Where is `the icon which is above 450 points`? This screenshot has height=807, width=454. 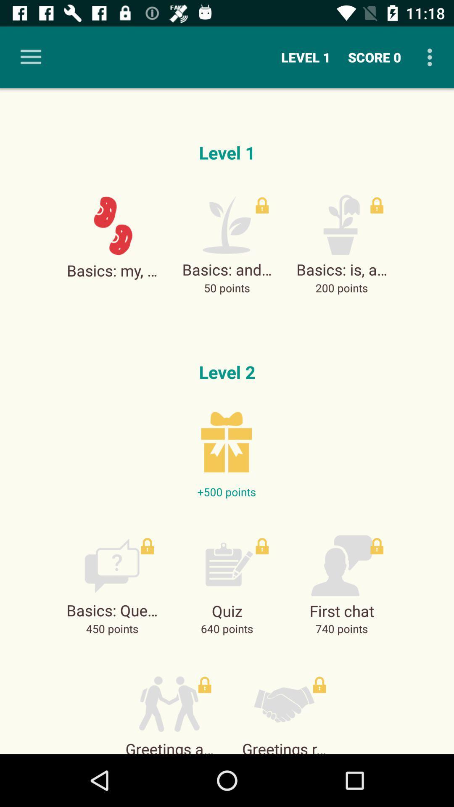 the icon which is above 450 points is located at coordinates (111, 565).